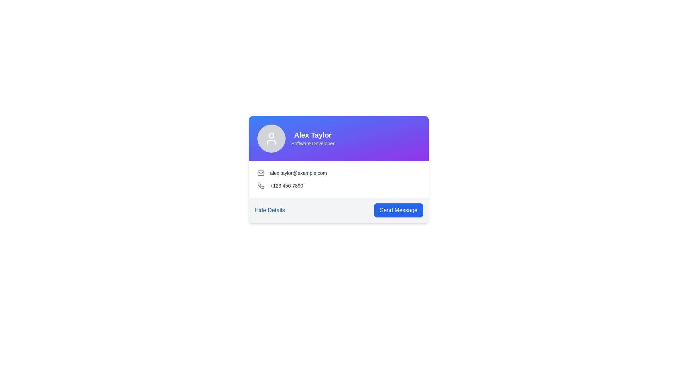 This screenshot has height=380, width=677. What do you see at coordinates (312, 135) in the screenshot?
I see `the title text display element that indicates the name of the individual on the card, located in the top-left quadrant of the card` at bounding box center [312, 135].